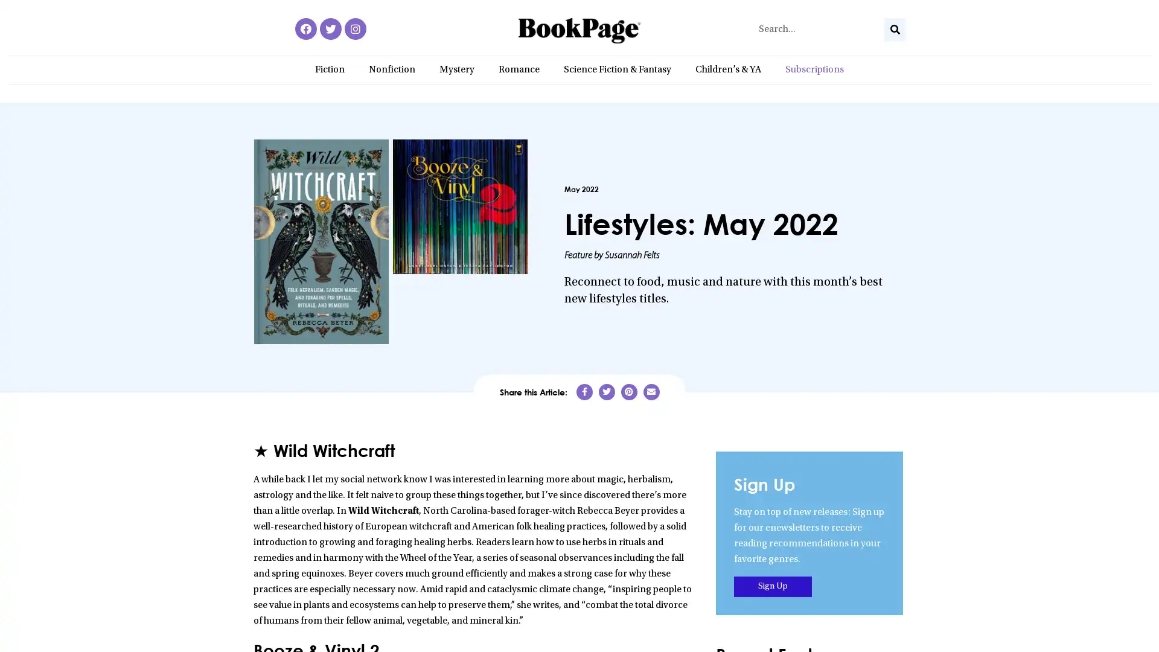 The width and height of the screenshot is (1159, 652). I want to click on Sign Up, so click(773, 586).